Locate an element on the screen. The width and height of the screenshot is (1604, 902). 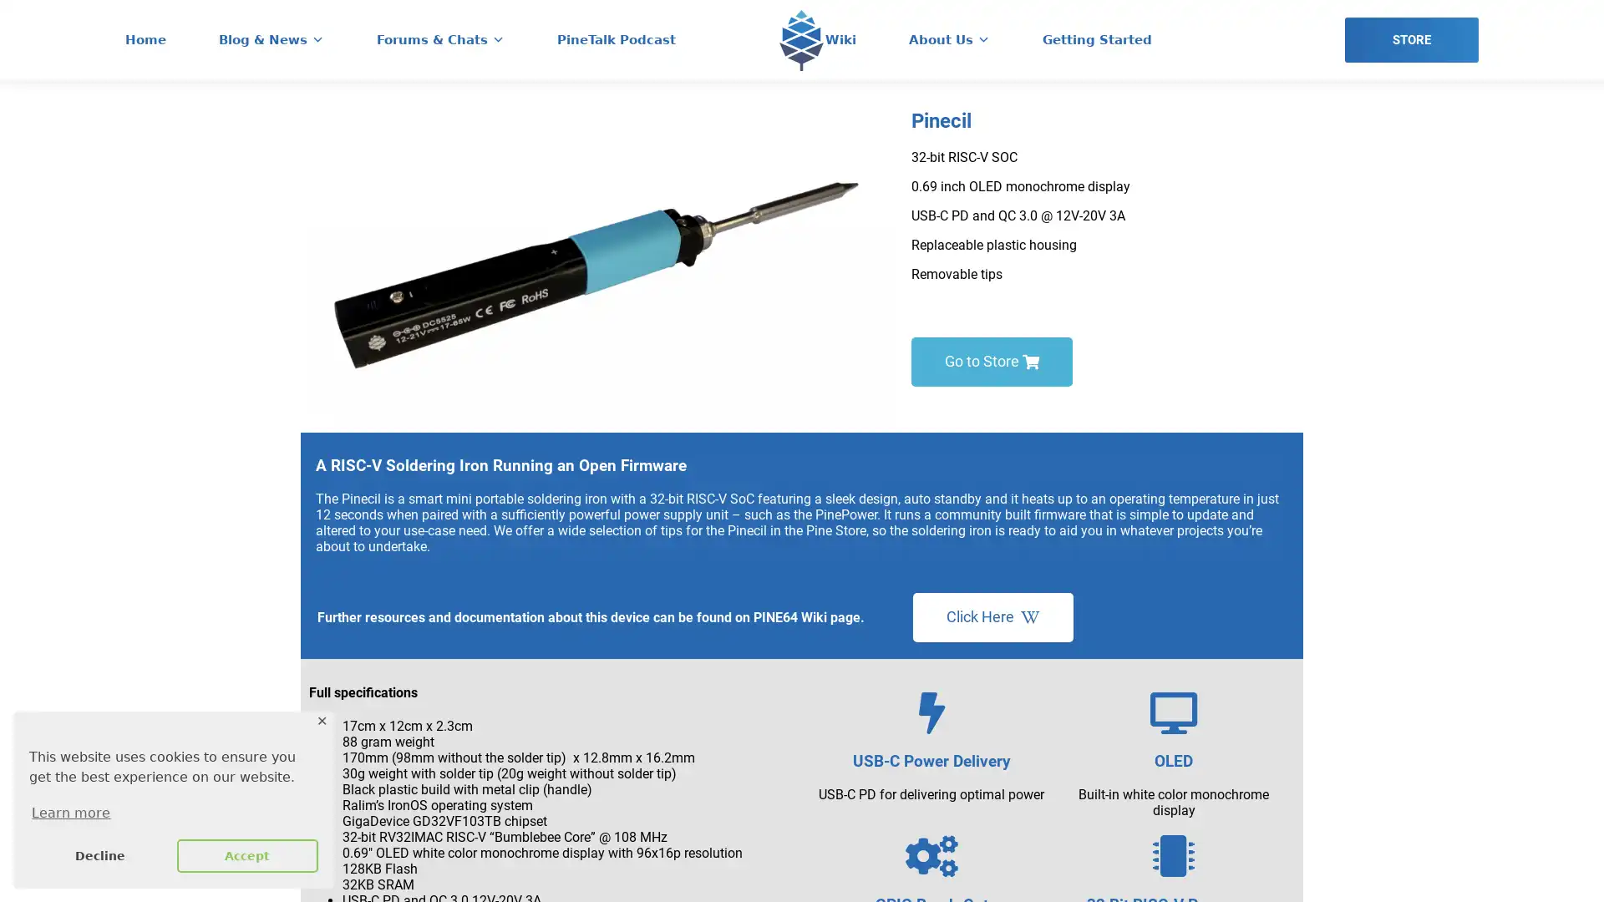
deny cookies is located at coordinates (99, 855).